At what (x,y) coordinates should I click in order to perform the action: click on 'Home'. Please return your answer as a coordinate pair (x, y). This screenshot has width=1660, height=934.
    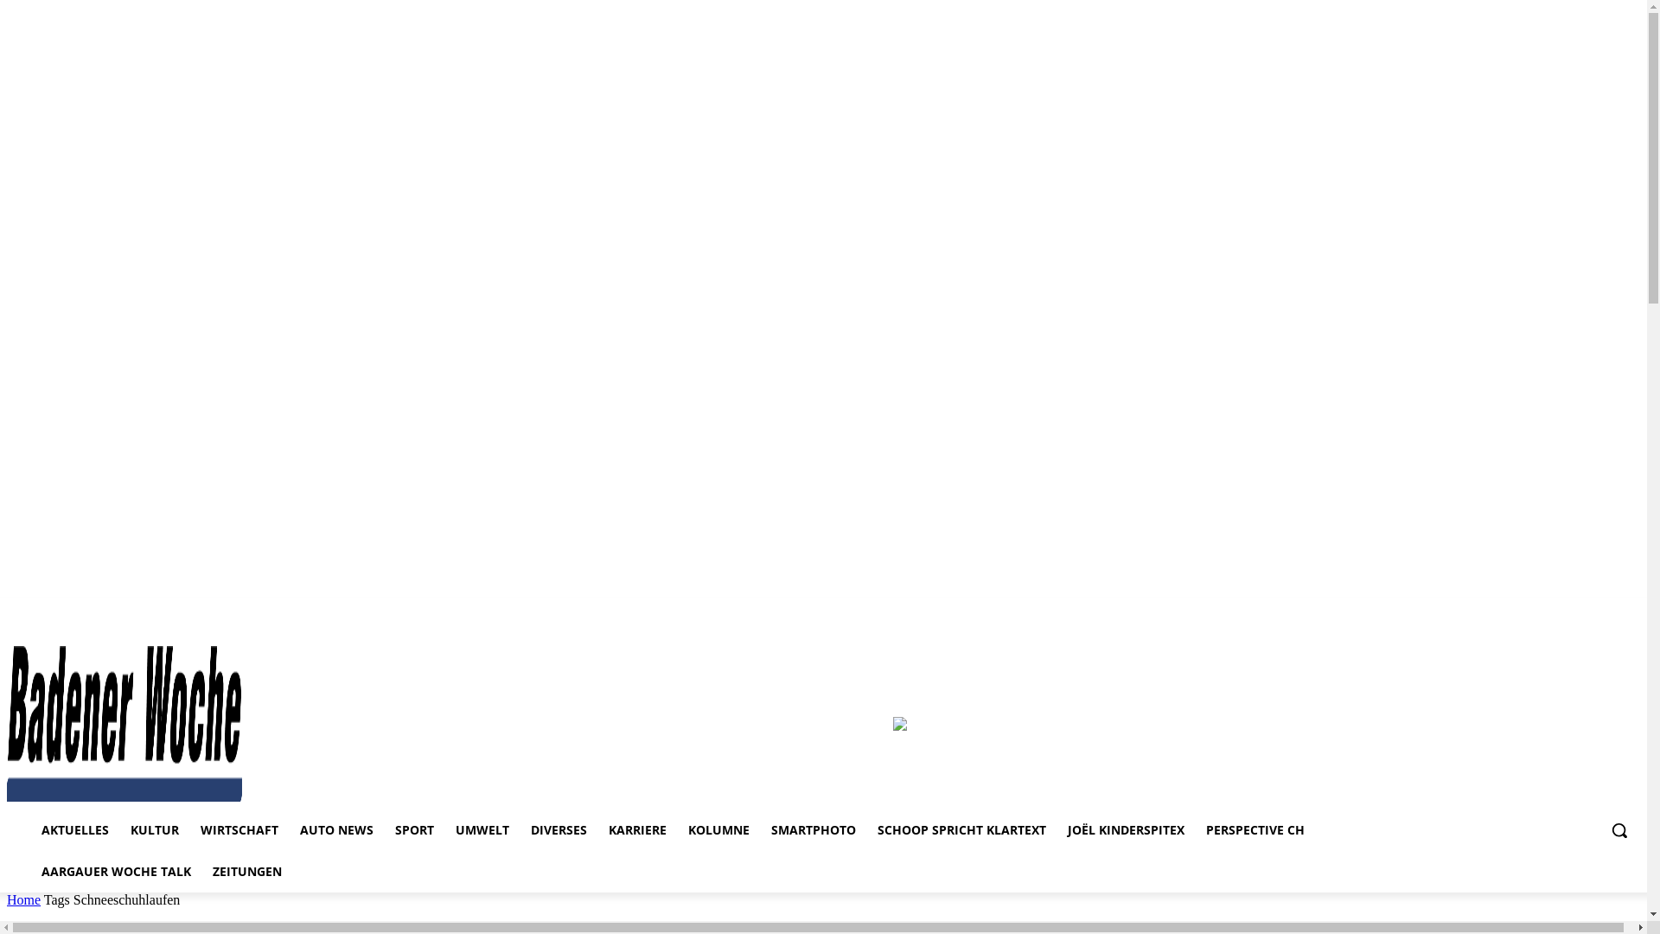
    Looking at the image, I should click on (23, 899).